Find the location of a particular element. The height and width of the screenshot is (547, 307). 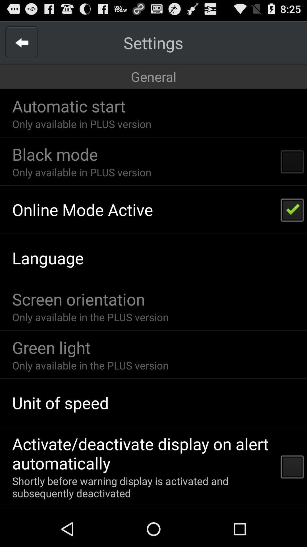

item below the only available in item is located at coordinates (55, 154).